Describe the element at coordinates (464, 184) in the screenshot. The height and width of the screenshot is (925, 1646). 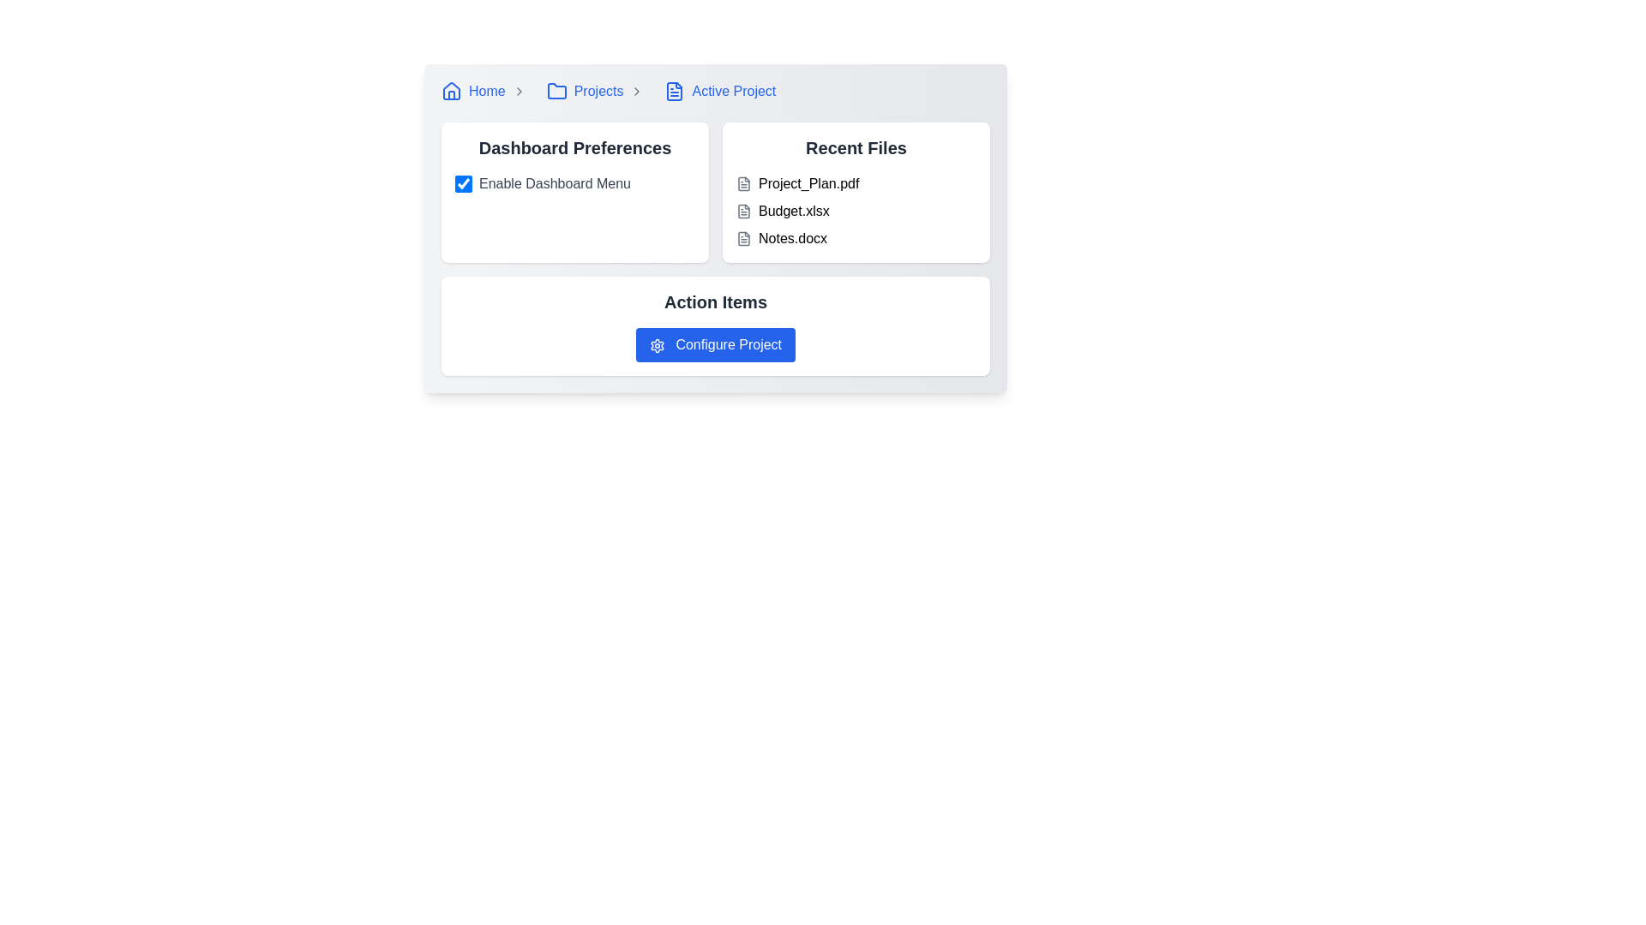
I see `the square checkbox with a blue checkmark located to the left of the 'Enable Dashboard Menu' text in the 'Dashboard Preferences' section` at that location.